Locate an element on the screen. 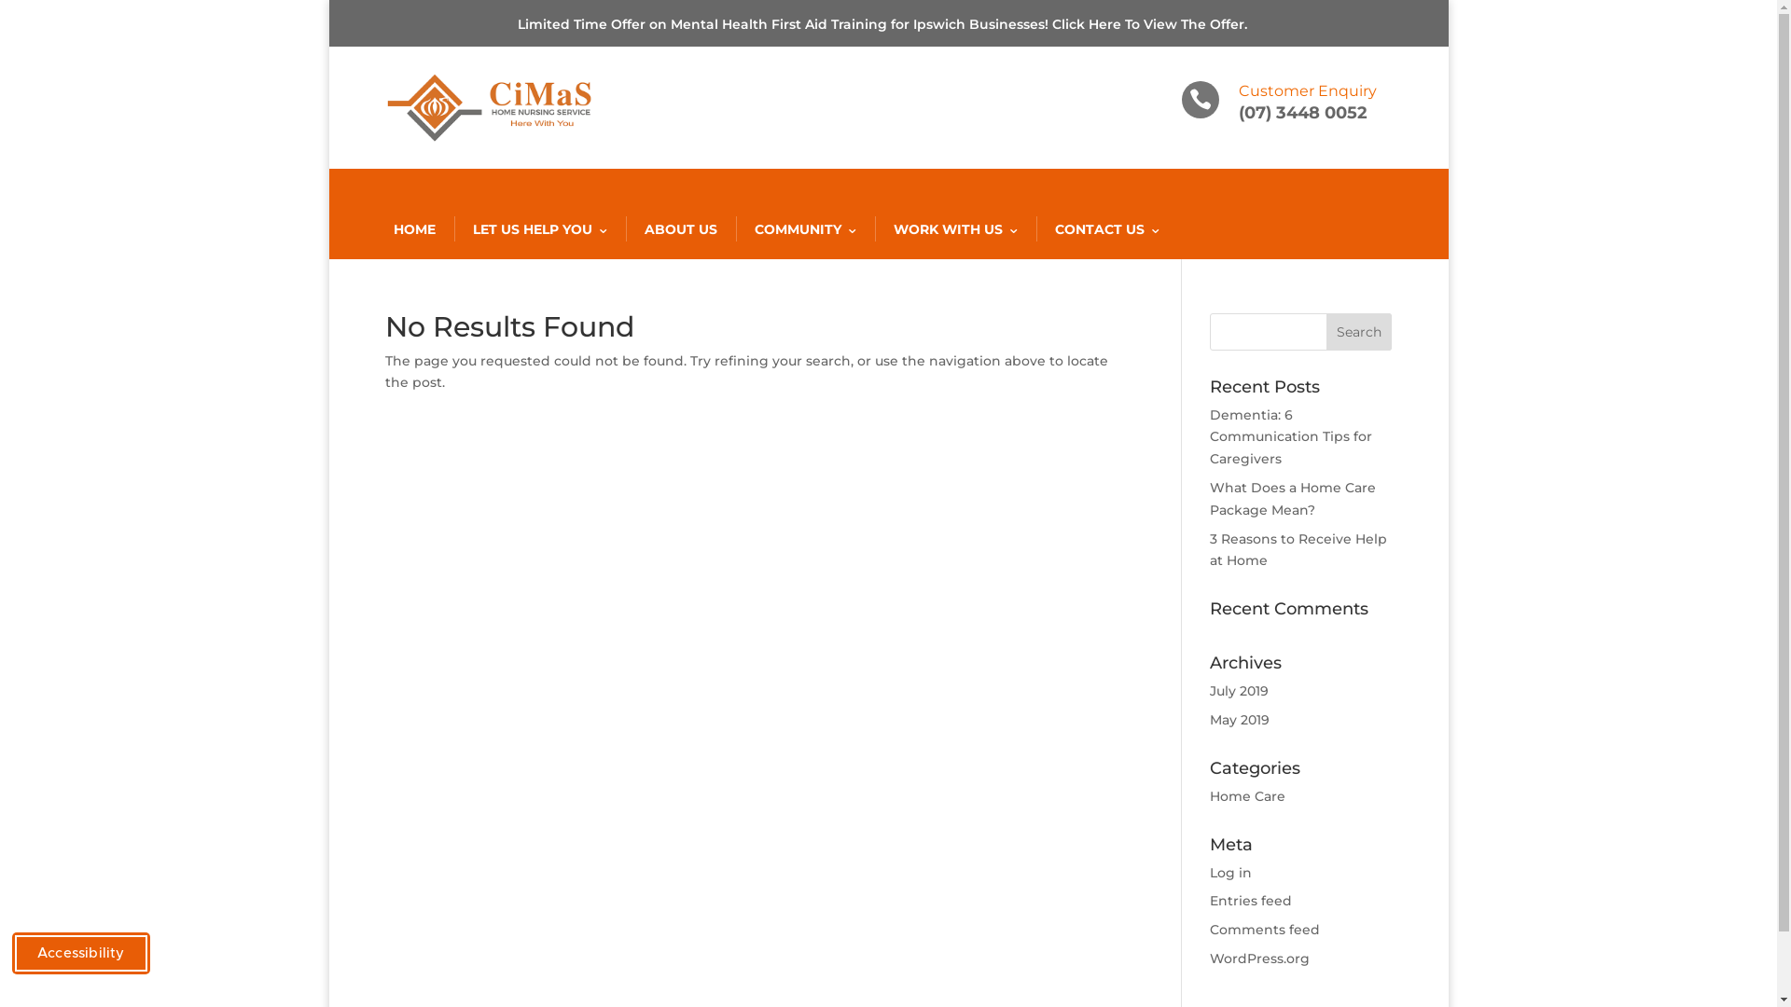  'HOME' is located at coordinates (413, 228).